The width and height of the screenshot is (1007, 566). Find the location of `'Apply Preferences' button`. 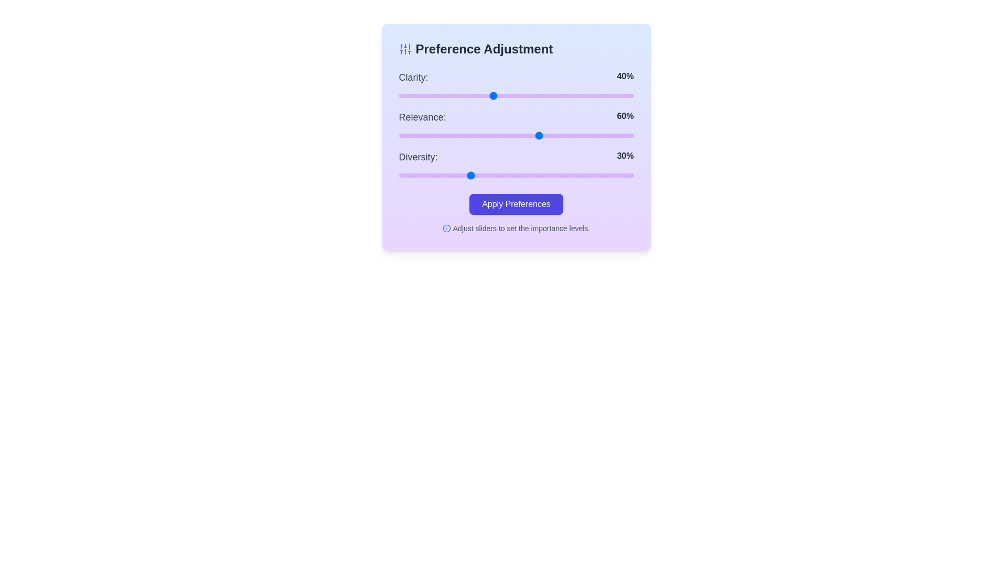

'Apply Preferences' button is located at coordinates (516, 204).